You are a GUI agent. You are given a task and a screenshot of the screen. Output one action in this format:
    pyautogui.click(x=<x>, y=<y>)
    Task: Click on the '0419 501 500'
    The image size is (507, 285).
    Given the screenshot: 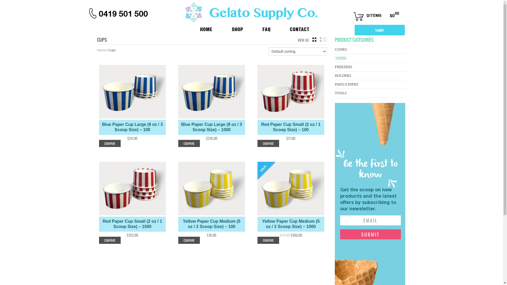 What is the action you would take?
    pyautogui.click(x=123, y=13)
    